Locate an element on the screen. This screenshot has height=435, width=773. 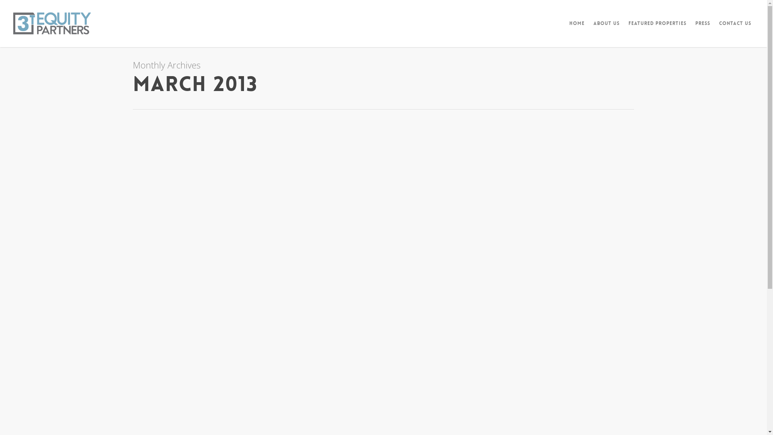
'CONTACT US' is located at coordinates (715, 29).